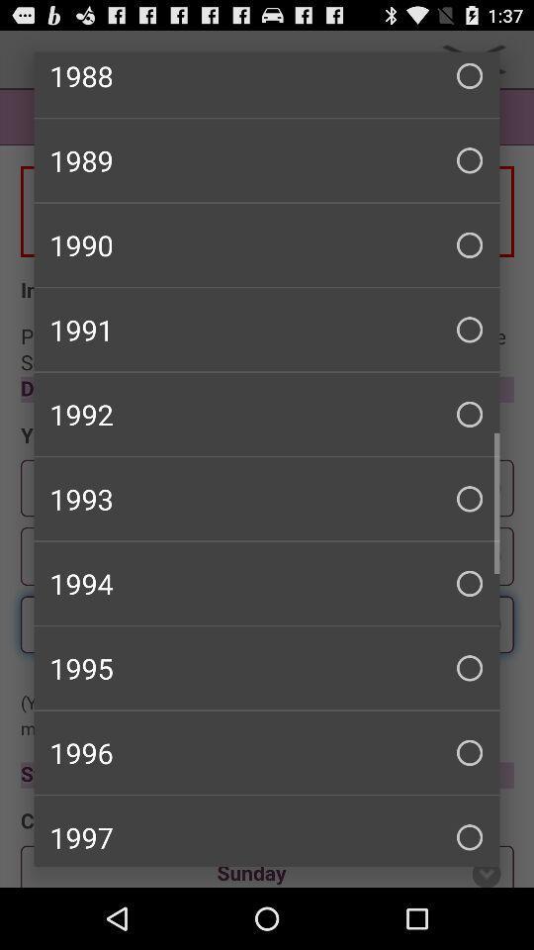  I want to click on icon above the 1992 item, so click(267, 330).